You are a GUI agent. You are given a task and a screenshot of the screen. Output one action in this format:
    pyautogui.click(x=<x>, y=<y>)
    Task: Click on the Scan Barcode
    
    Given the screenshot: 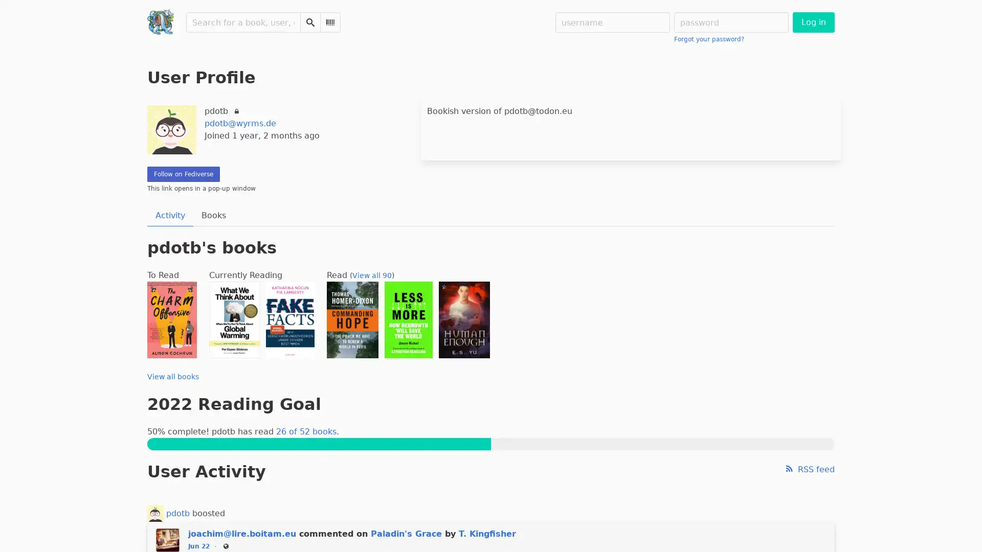 What is the action you would take?
    pyautogui.click(x=330, y=22)
    